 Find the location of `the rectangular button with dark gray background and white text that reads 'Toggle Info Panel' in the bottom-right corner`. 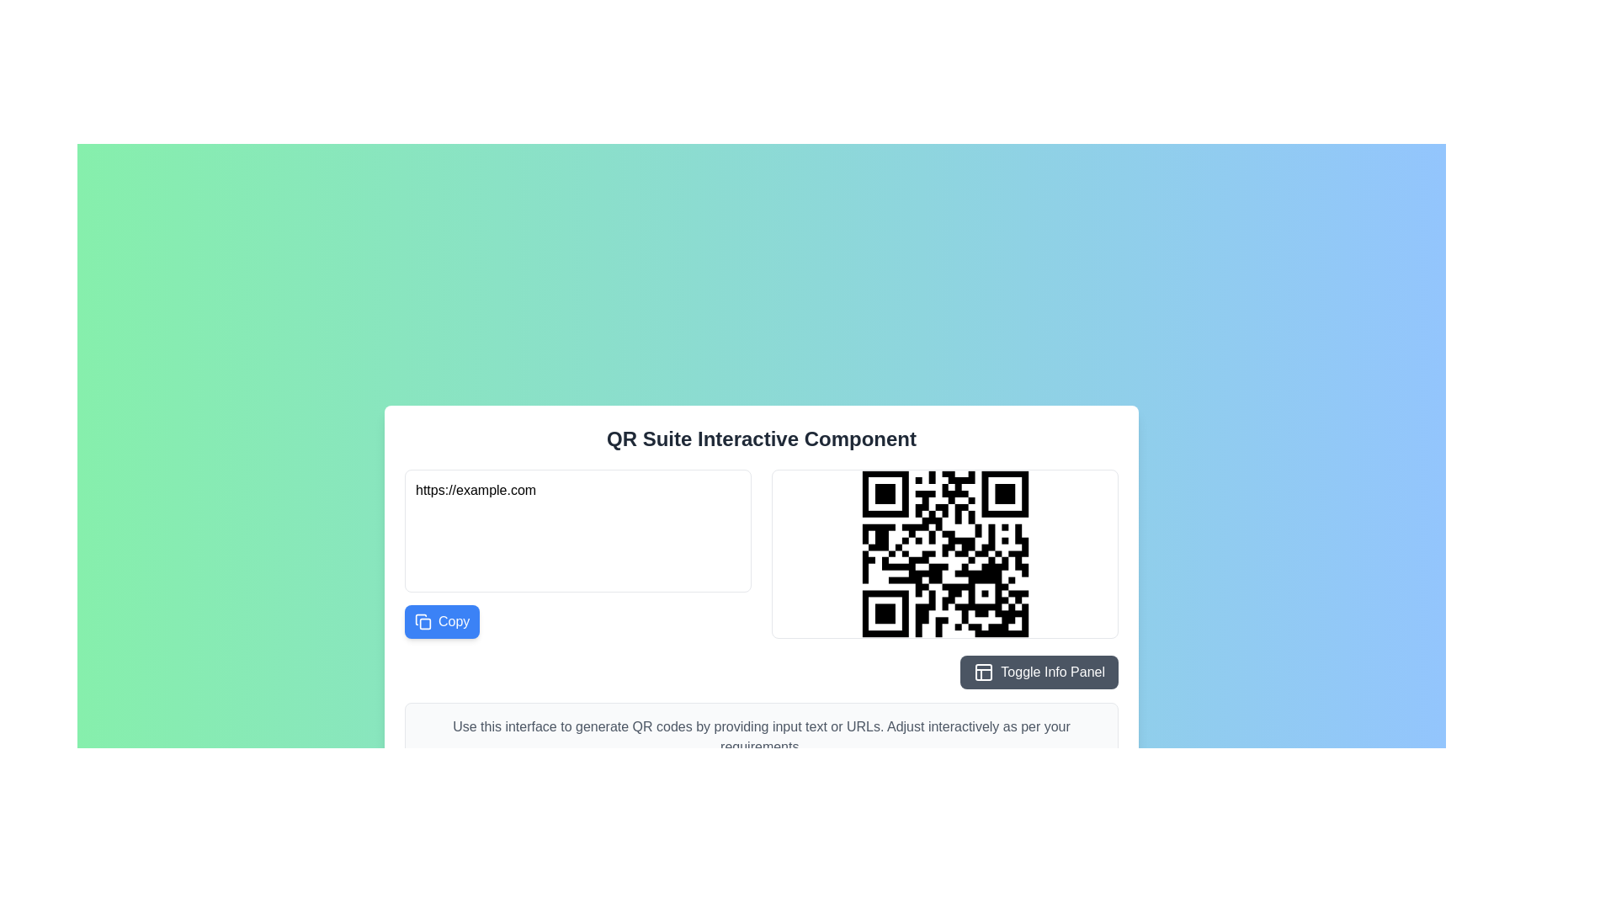

the rectangular button with dark gray background and white text that reads 'Toggle Info Panel' in the bottom-right corner is located at coordinates (1039, 671).